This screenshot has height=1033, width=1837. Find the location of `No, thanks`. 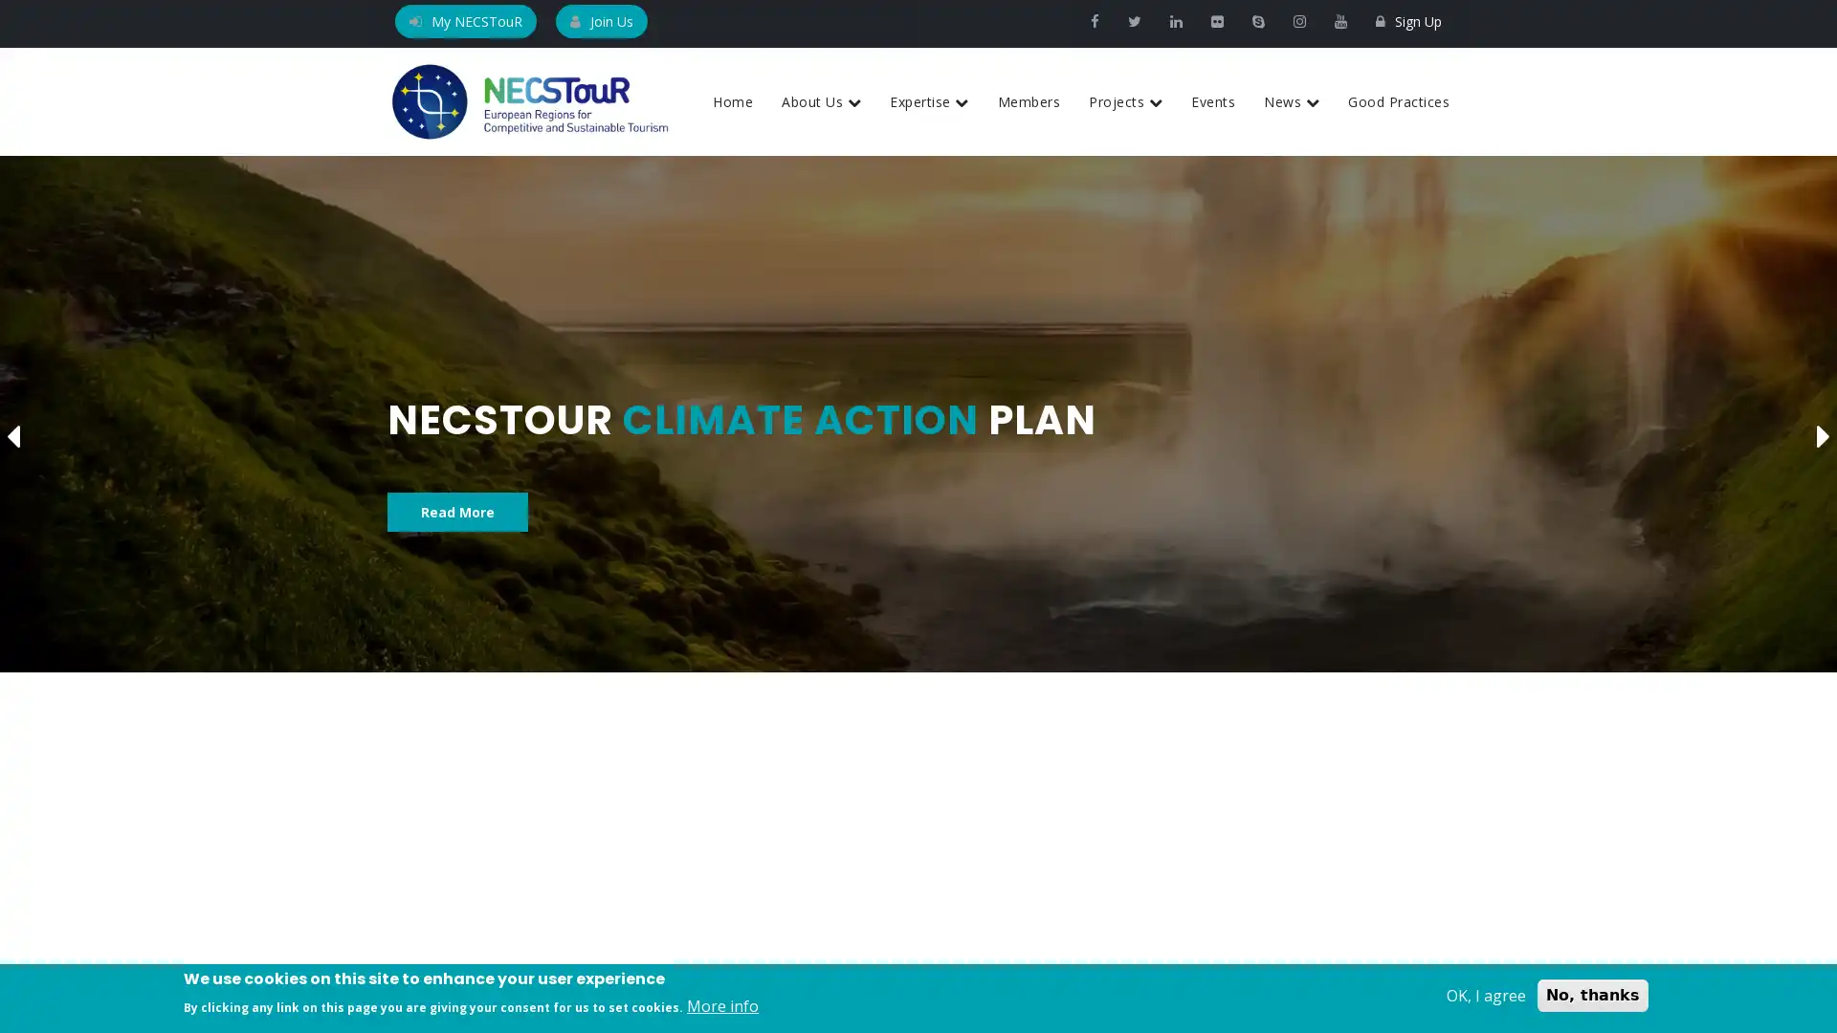

No, thanks is located at coordinates (1593, 995).